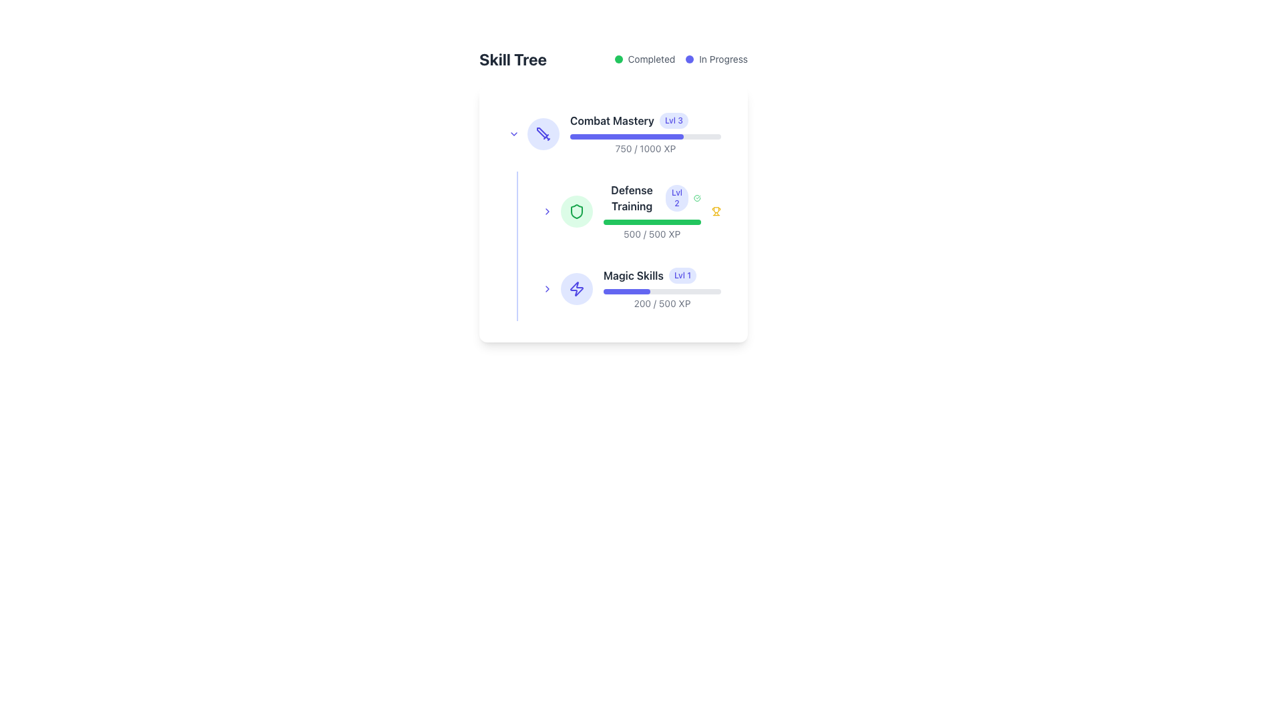 This screenshot has height=721, width=1282. What do you see at coordinates (513, 134) in the screenshot?
I see `the Toggle Button located to the left of the 'Combat Mastery' text and adjacent to the circular sword icon to visualize the hover effect` at bounding box center [513, 134].